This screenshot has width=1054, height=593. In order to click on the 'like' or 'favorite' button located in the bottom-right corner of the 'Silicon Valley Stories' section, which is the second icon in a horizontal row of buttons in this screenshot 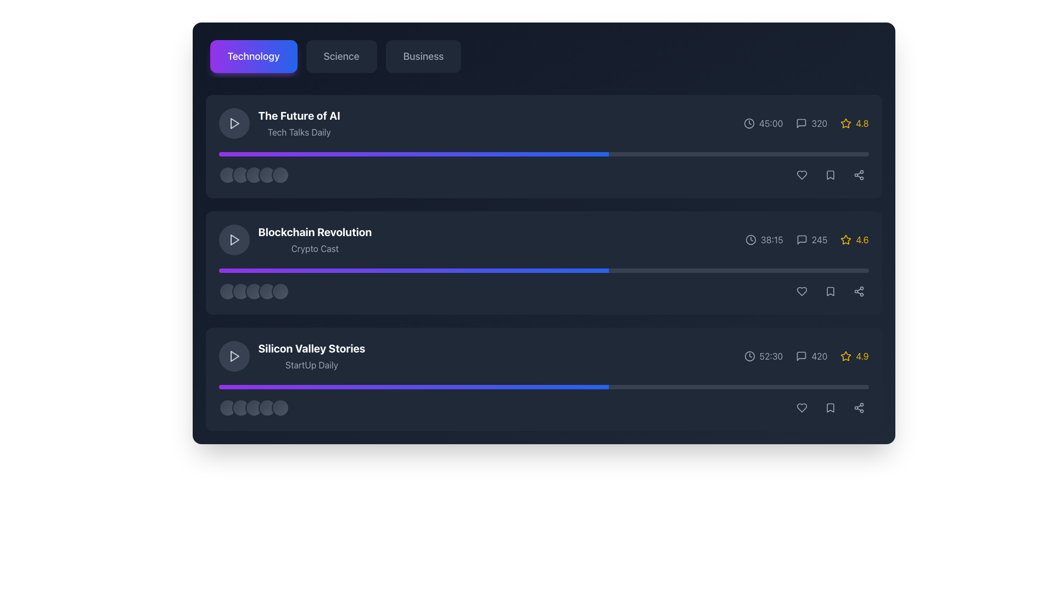, I will do `click(801, 408)`.